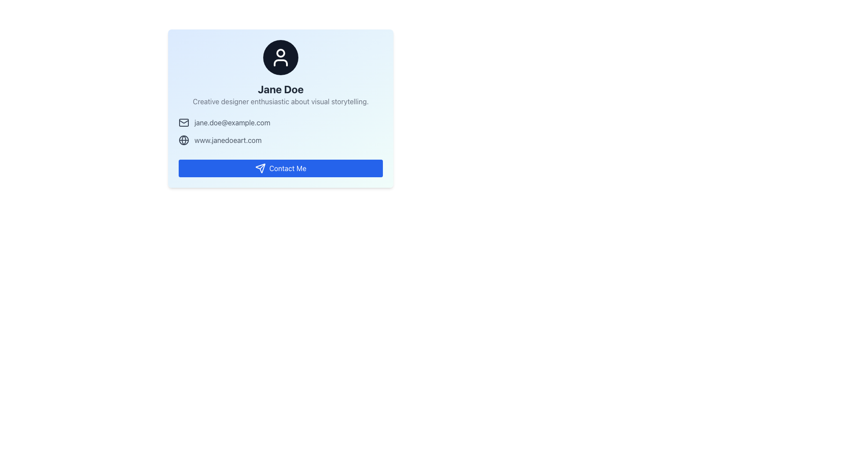 The image size is (845, 475). Describe the element at coordinates (183, 122) in the screenshot. I see `the design of the small gray-colored mail icon representing an envelope located to the left of the email text 'jane.doe@example.com'` at that location.